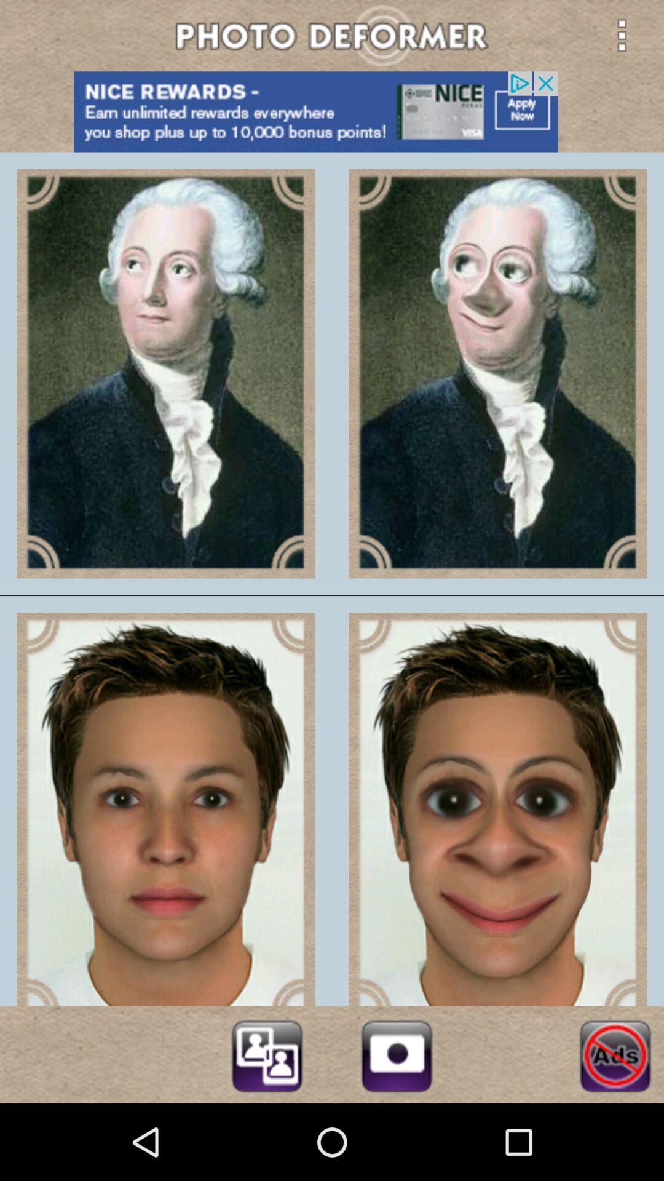  What do you see at coordinates (332, 111) in the screenshot?
I see `advertisement botton` at bounding box center [332, 111].